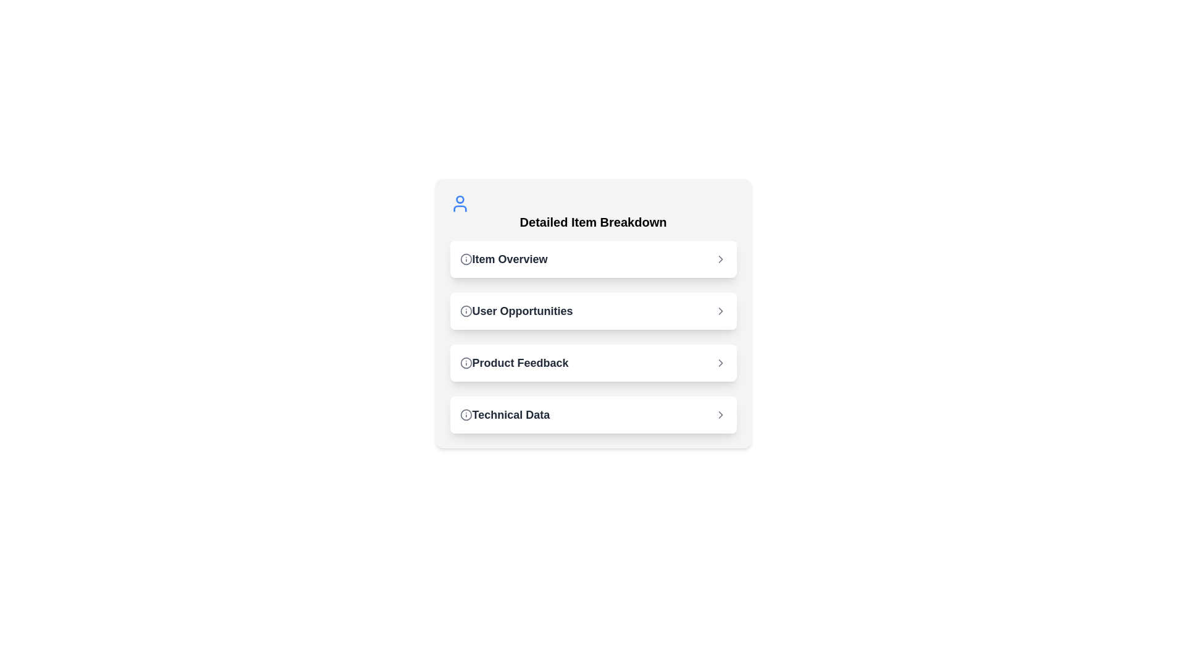 Image resolution: width=1186 pixels, height=667 pixels. Describe the element at coordinates (465, 311) in the screenshot. I see `the small gray circular informational icon with an 'i' character inside, located to the left of the 'User Opportunities' text in the 'Detailed Item Breakdown' menu` at that location.